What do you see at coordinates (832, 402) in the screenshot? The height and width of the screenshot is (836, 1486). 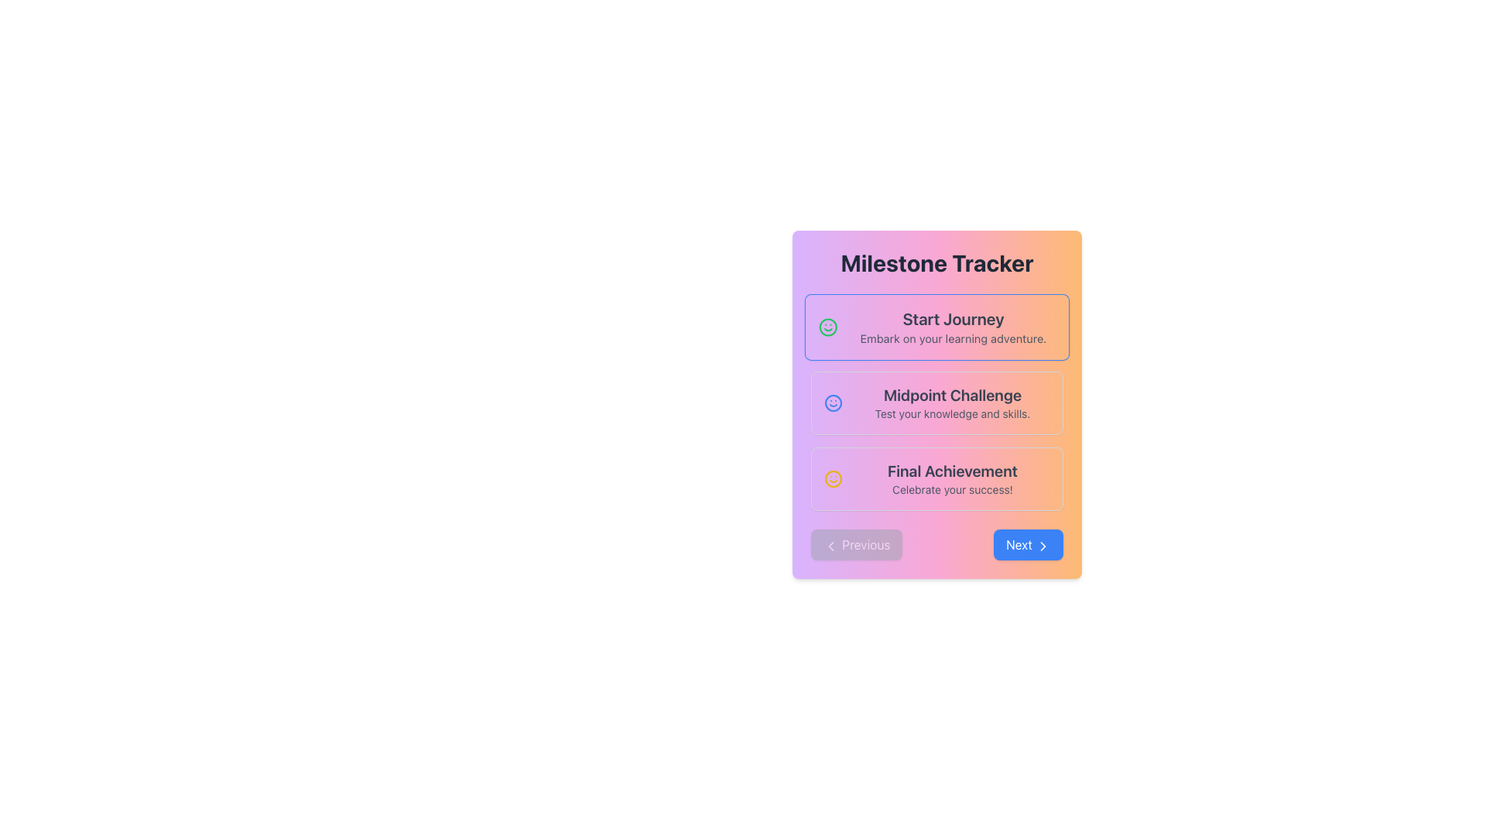 I see `the circular icon with a blue border and a face design inside` at bounding box center [832, 402].